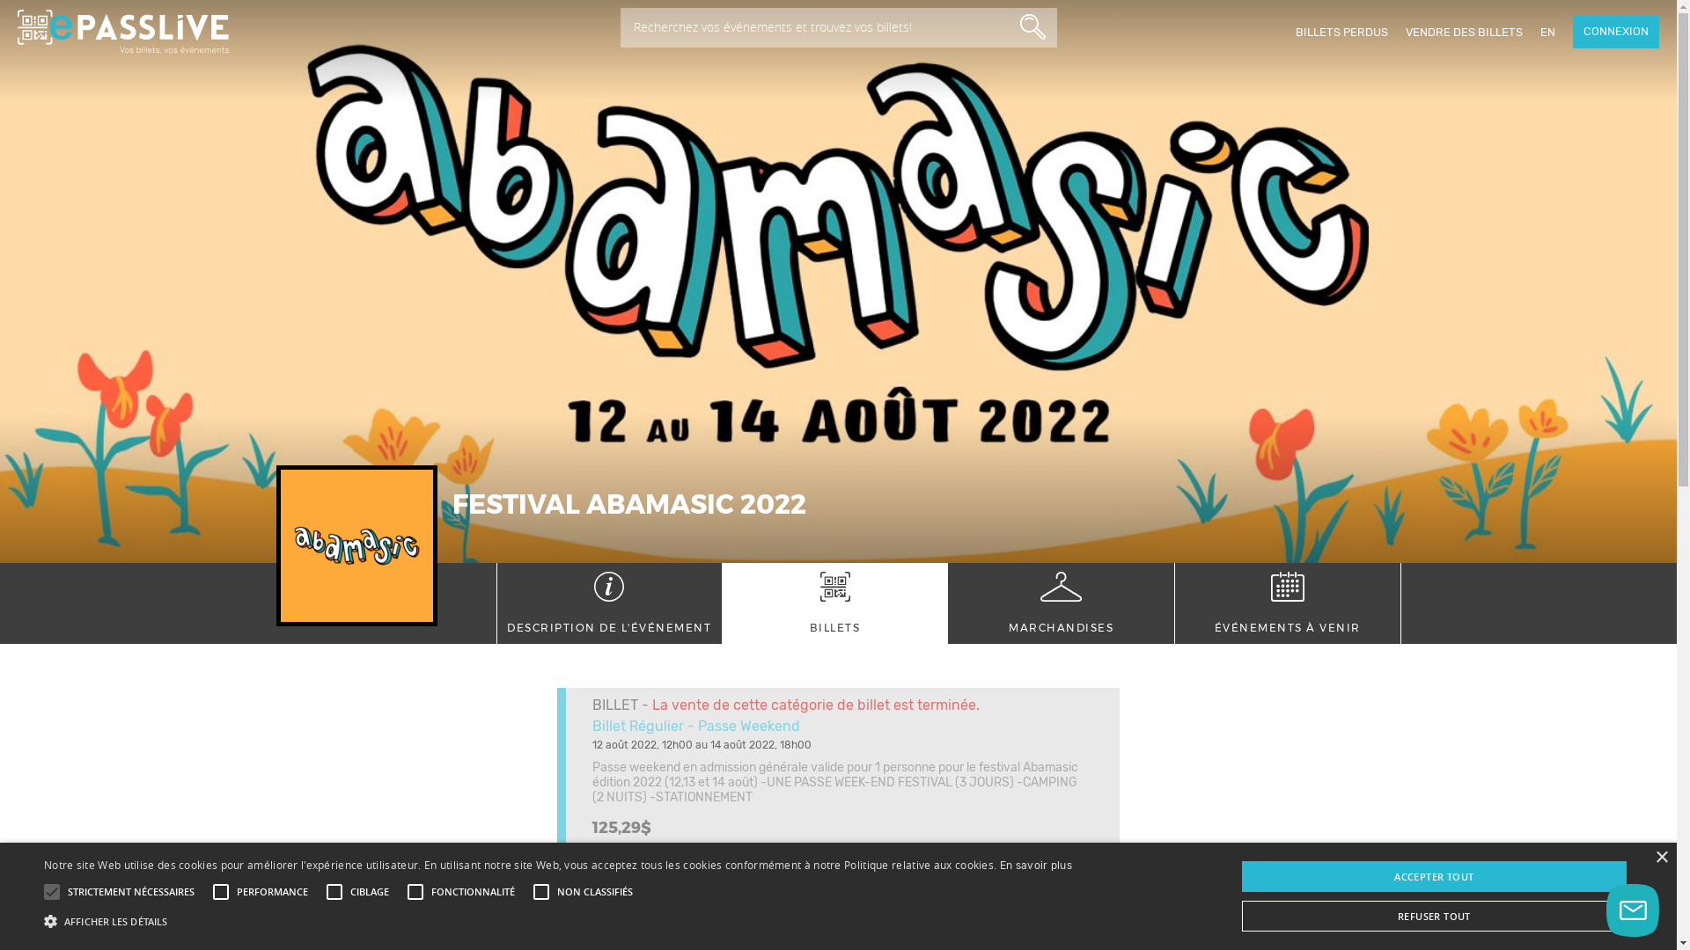 This screenshot has height=950, width=1690. What do you see at coordinates (1341, 31) in the screenshot?
I see `'BILLETS PERDUS'` at bounding box center [1341, 31].